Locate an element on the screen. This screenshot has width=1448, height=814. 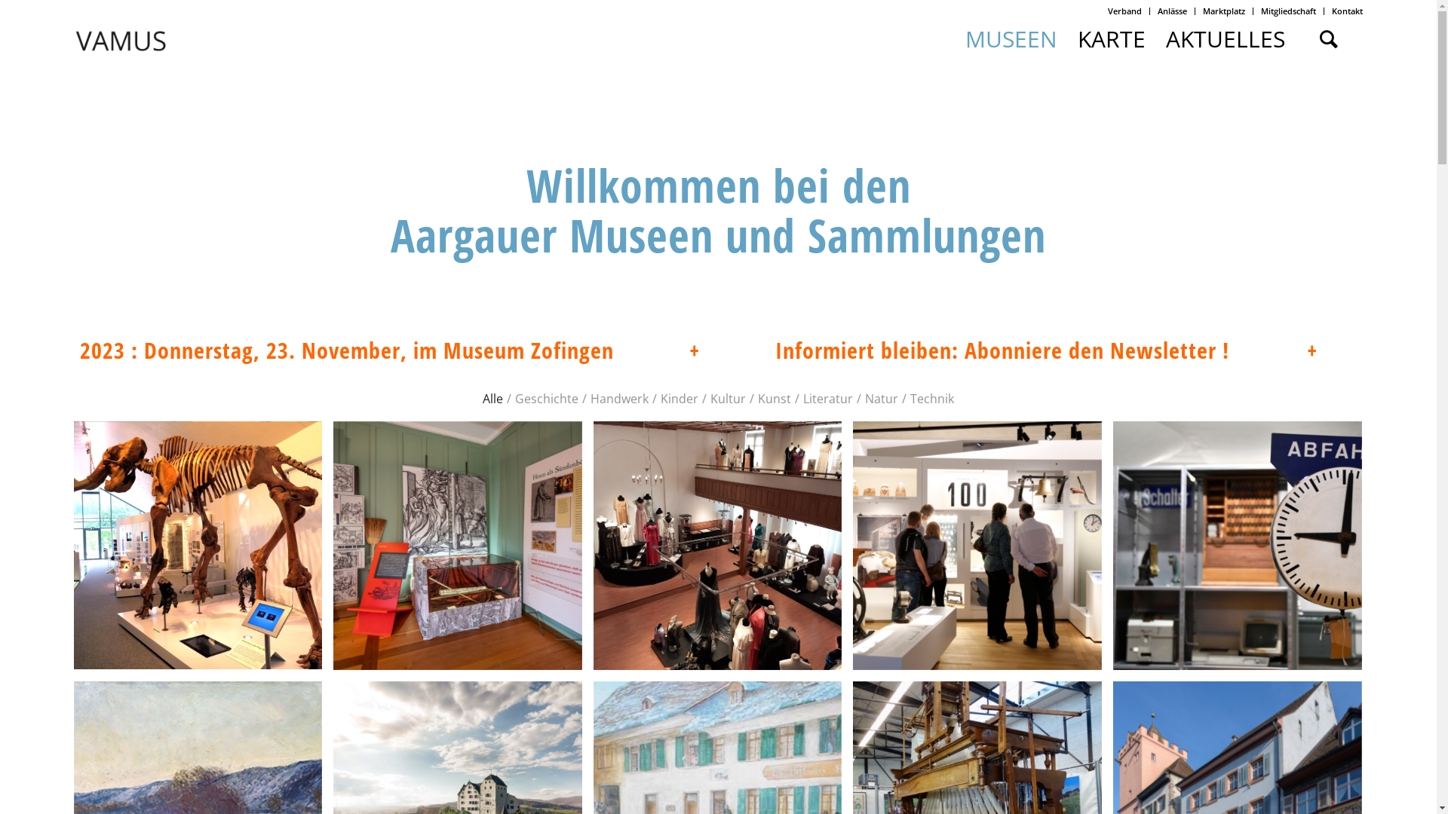
'Literatur' is located at coordinates (827, 379).